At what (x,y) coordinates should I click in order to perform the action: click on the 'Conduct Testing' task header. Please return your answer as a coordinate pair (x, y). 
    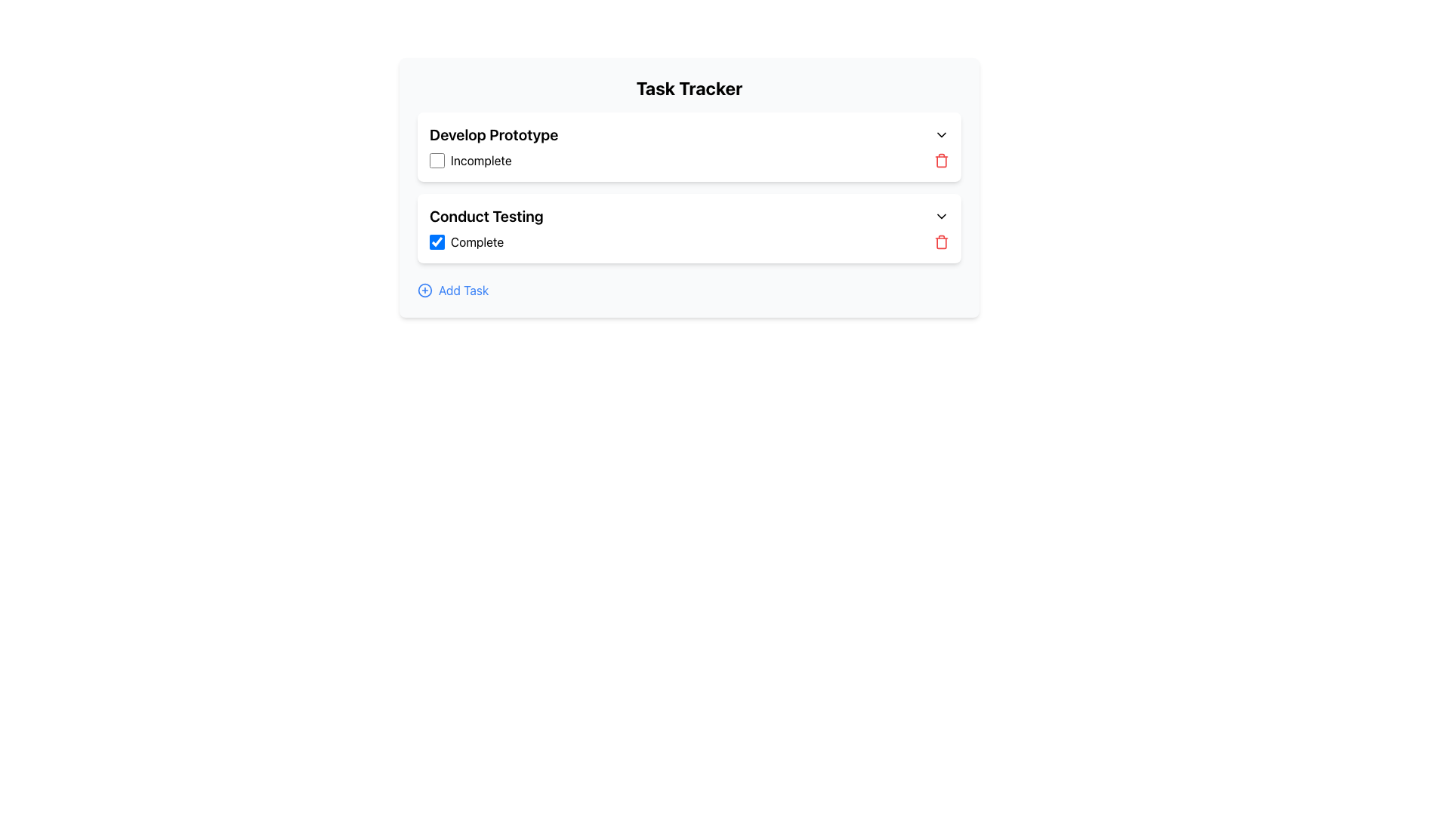
    Looking at the image, I should click on (688, 216).